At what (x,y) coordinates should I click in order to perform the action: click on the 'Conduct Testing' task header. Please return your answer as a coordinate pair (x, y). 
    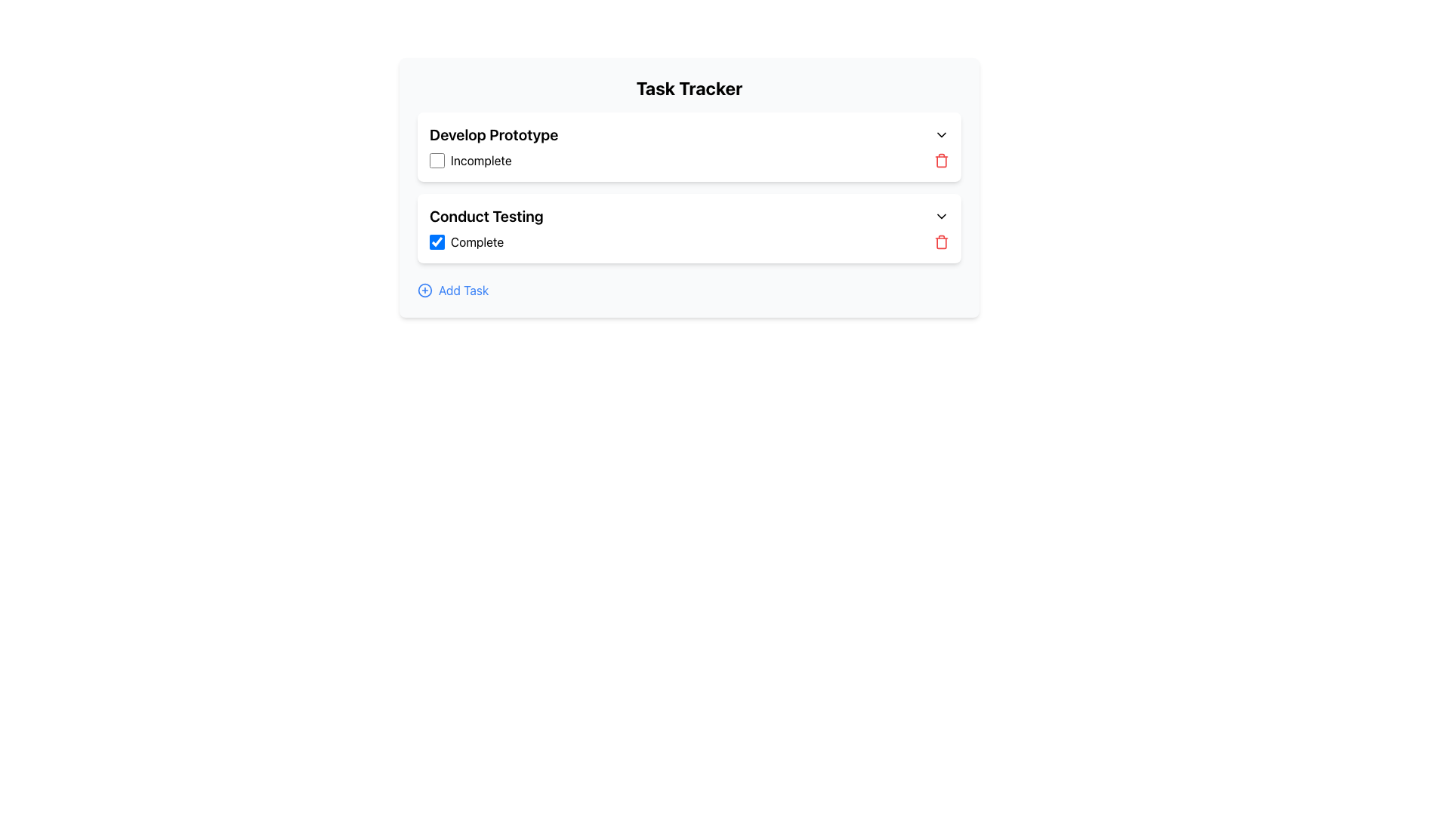
    Looking at the image, I should click on (688, 216).